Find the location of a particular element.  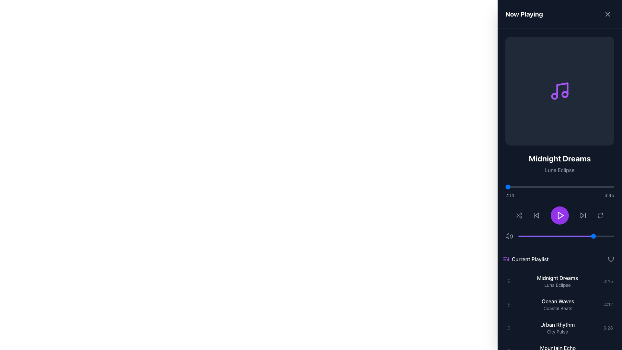

the slider is located at coordinates (567, 236).